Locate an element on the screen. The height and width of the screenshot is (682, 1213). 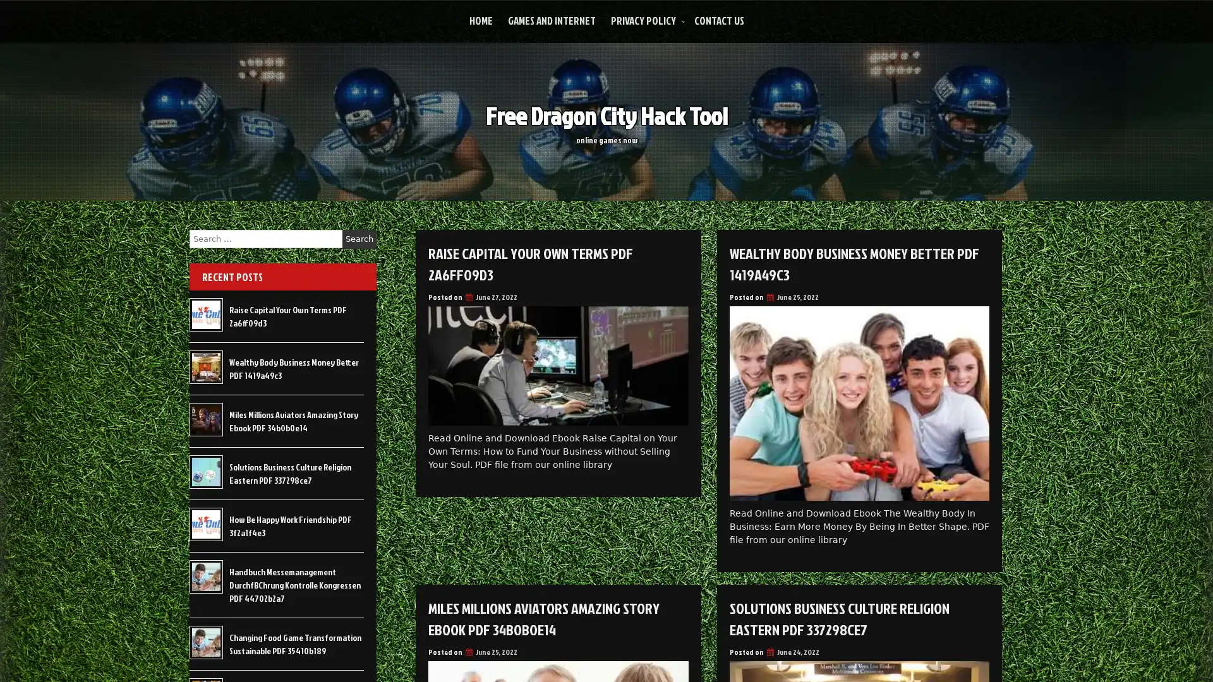
Search is located at coordinates (359, 239).